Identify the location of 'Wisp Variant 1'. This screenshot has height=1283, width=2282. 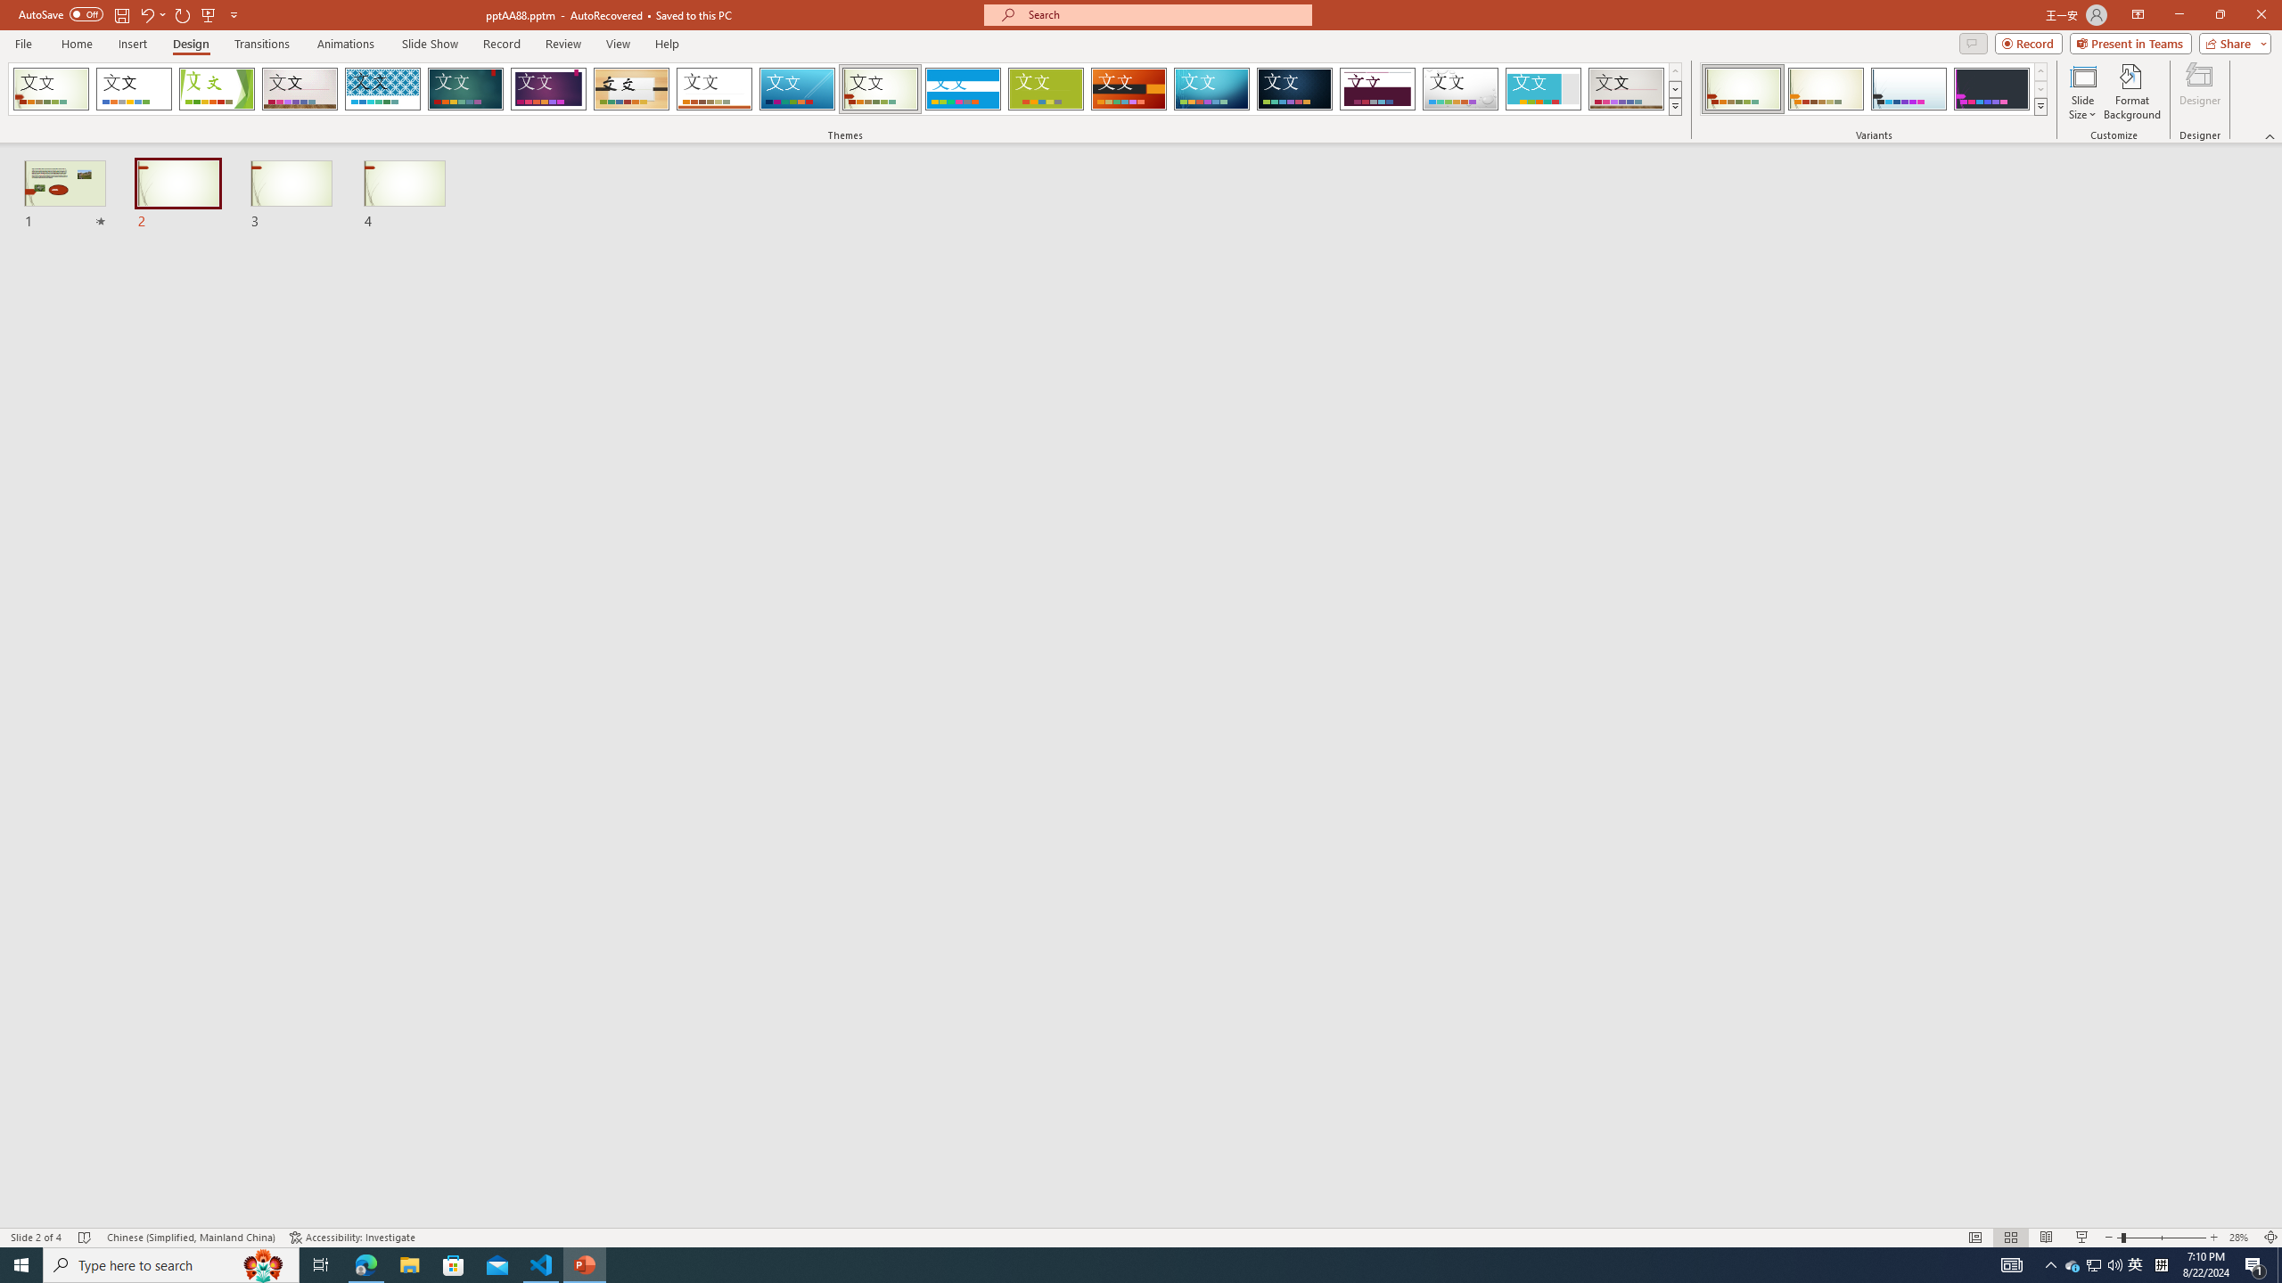
(1742, 88).